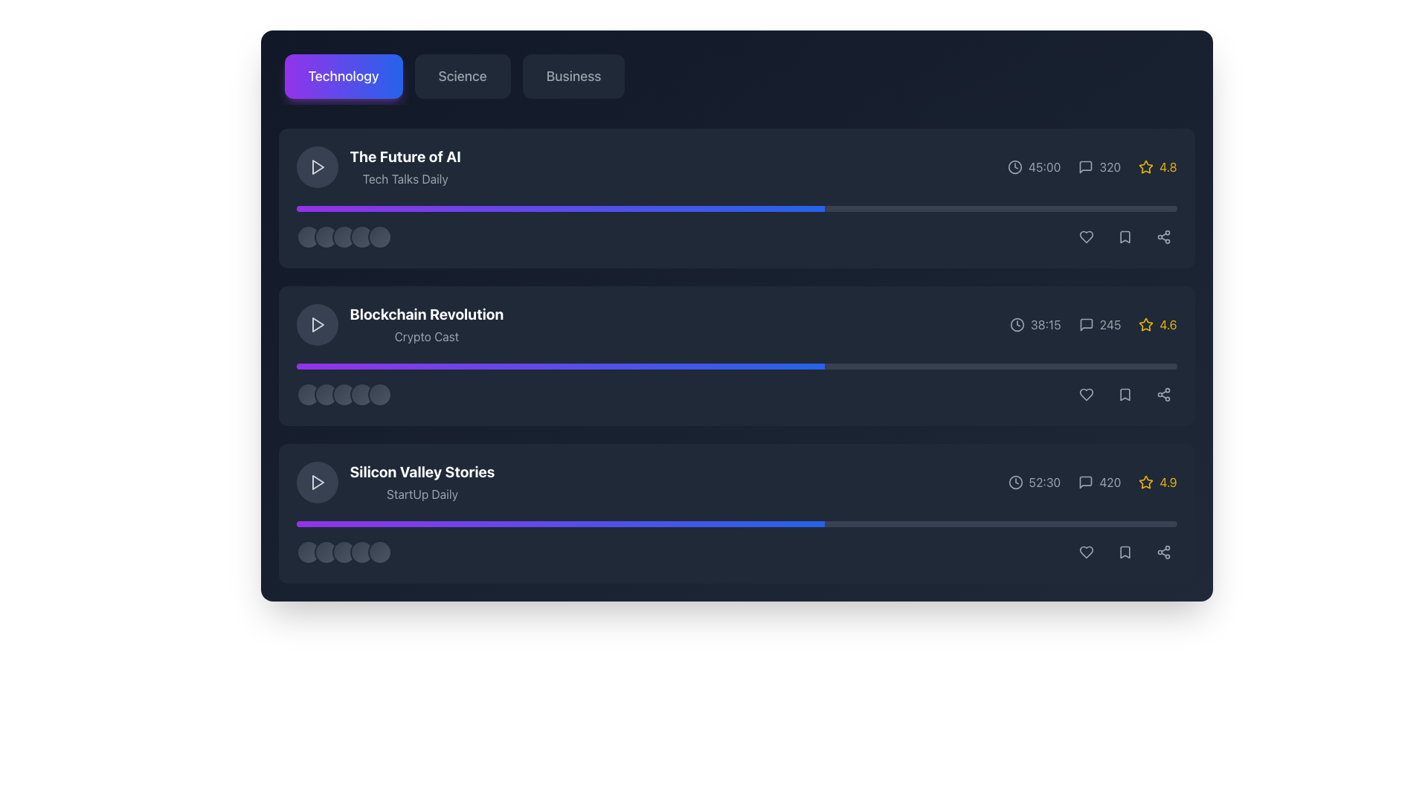 This screenshot has height=803, width=1428. I want to click on the circular button with a bookmark icon located at the bottom right of the 'Silicon Valley Stories' content card, so click(1125, 552).